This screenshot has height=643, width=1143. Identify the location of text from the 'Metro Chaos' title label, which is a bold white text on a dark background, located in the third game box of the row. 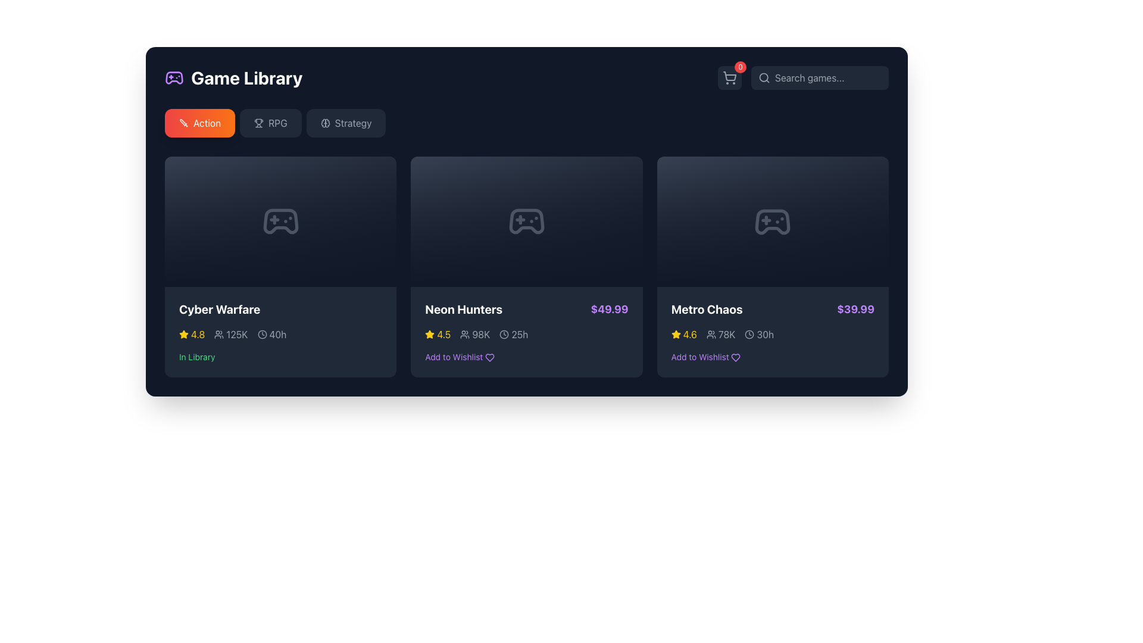
(707, 309).